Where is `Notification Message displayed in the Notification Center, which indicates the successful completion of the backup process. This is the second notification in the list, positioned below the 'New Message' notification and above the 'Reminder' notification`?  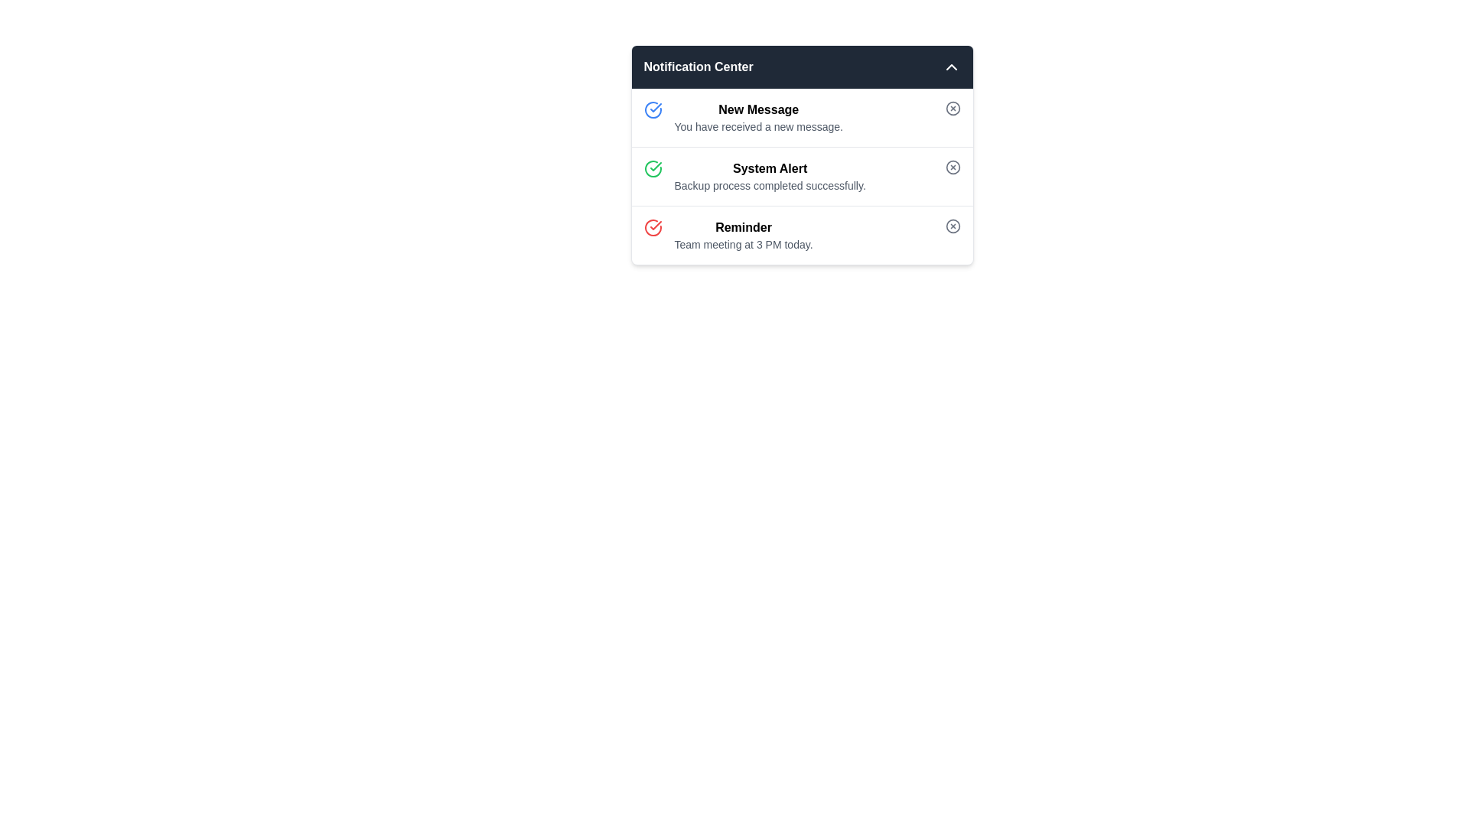
Notification Message displayed in the Notification Center, which indicates the successful completion of the backup process. This is the second notification in the list, positioned below the 'New Message' notification and above the 'Reminder' notification is located at coordinates (770, 176).